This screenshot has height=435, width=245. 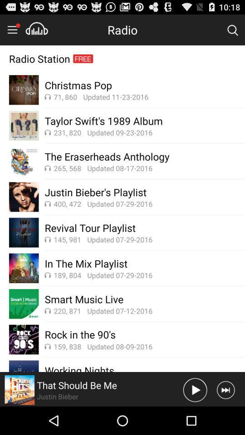 I want to click on this song, so click(x=195, y=389).